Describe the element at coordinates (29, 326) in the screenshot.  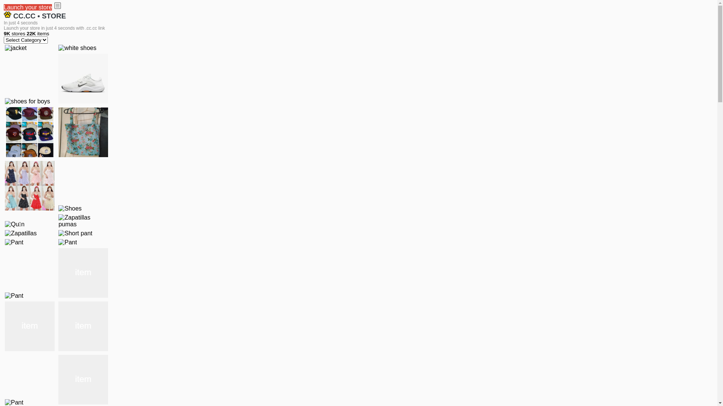
I see `'Pant'` at that location.